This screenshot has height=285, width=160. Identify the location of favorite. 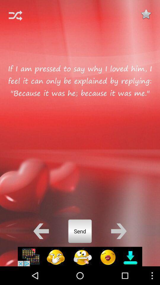
(145, 14).